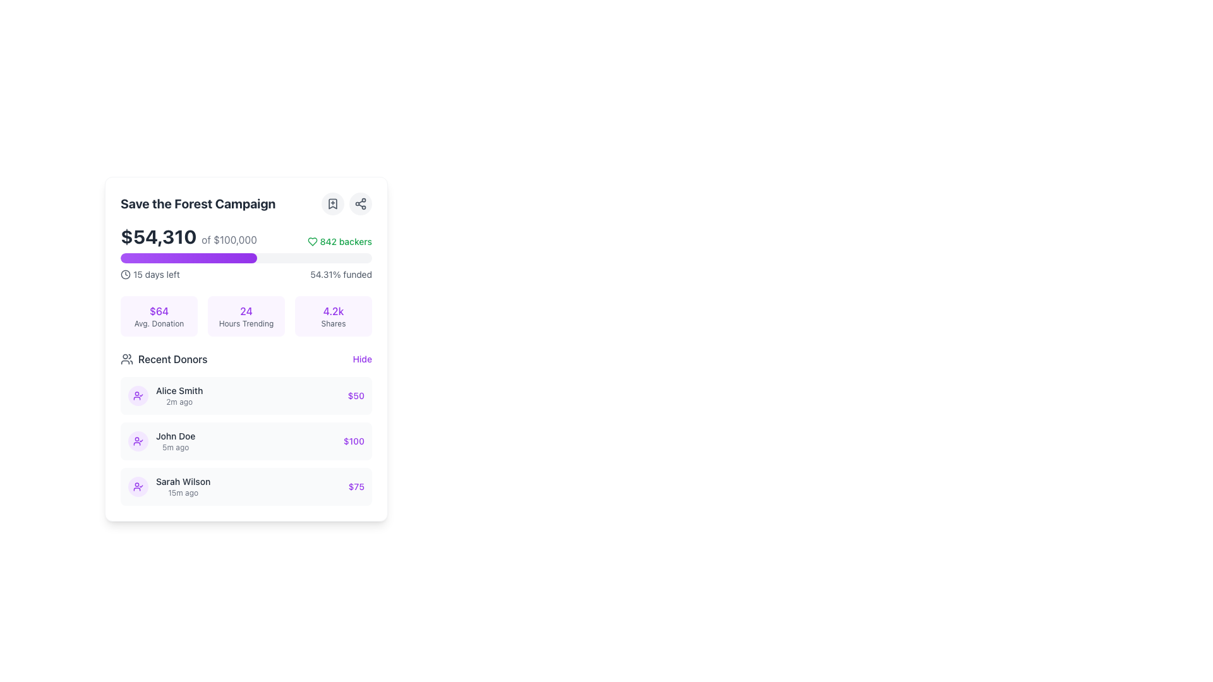 The image size is (1213, 682). Describe the element at coordinates (183, 492) in the screenshot. I see `timestamp text label indicating when Sarah Wilson's activity occurred, located below her name in the list of recent donors` at that location.